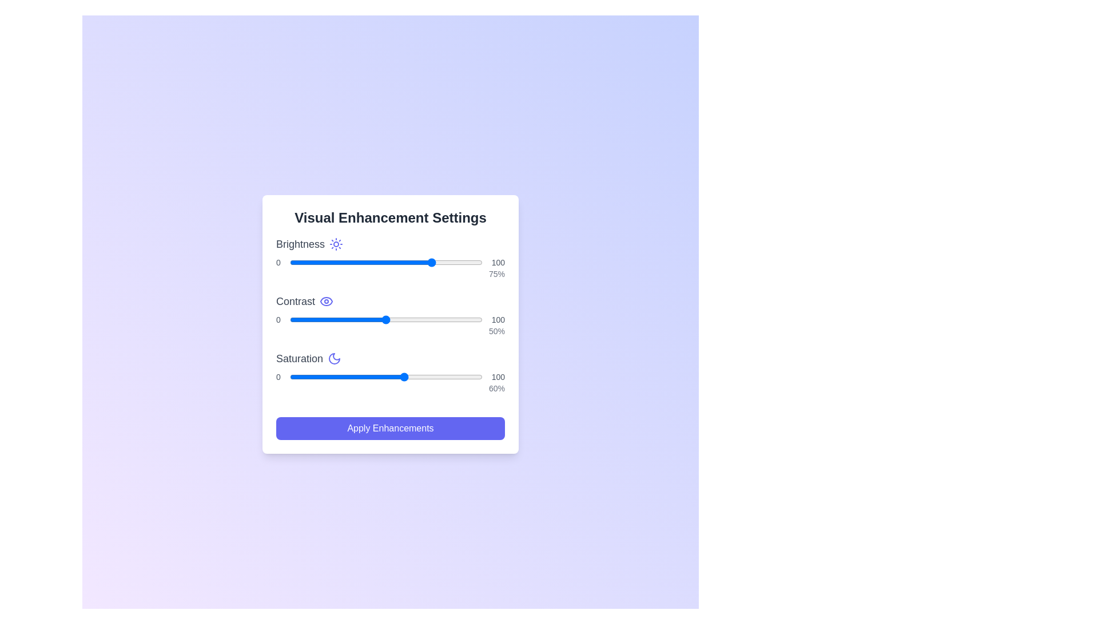  What do you see at coordinates (336, 244) in the screenshot?
I see `the icon for brightness to display its tooltip` at bounding box center [336, 244].